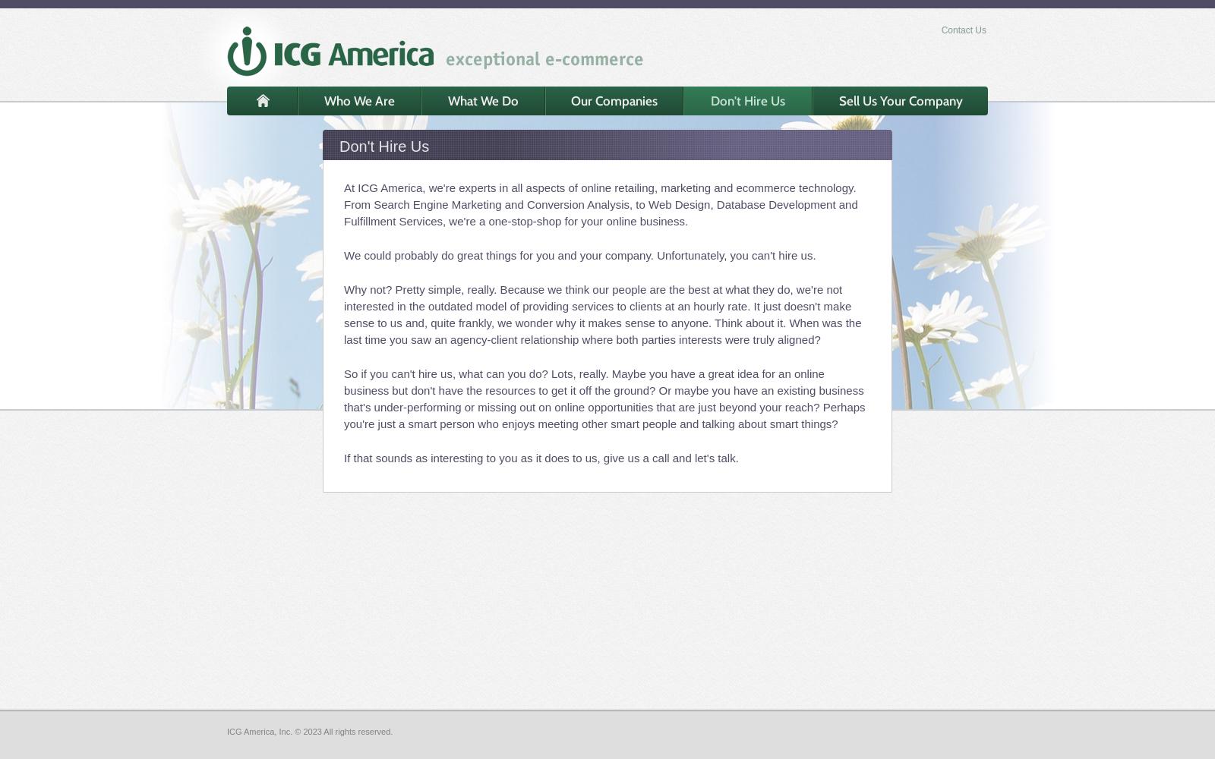  I want to click on 'Our Companies', so click(613, 101).